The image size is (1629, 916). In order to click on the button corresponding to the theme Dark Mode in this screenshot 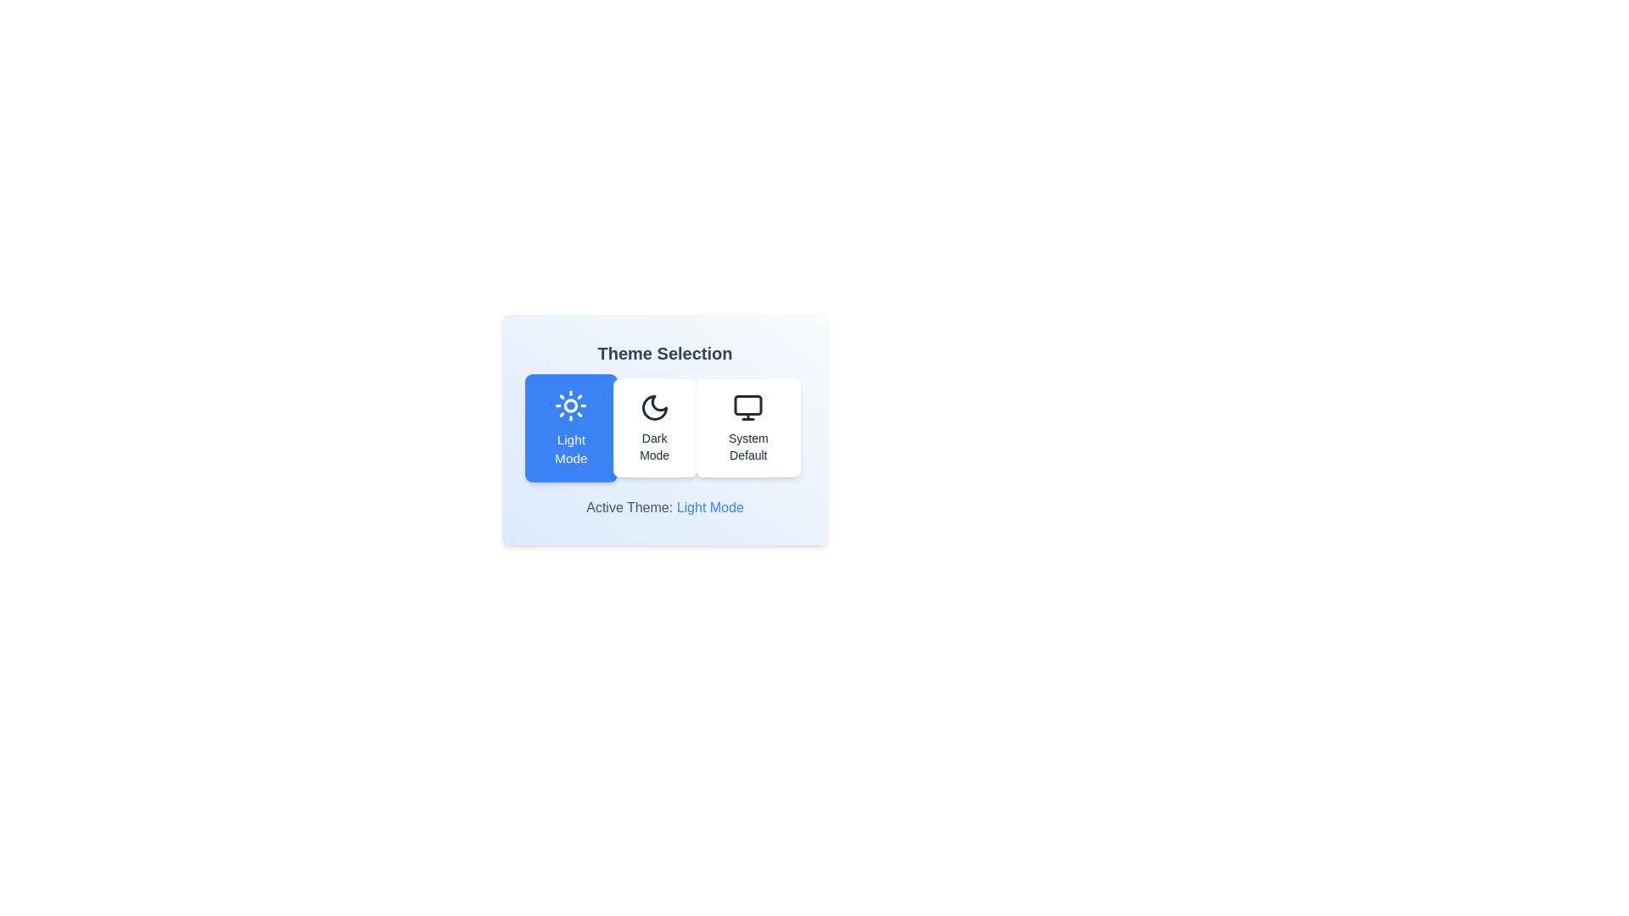, I will do `click(653, 427)`.